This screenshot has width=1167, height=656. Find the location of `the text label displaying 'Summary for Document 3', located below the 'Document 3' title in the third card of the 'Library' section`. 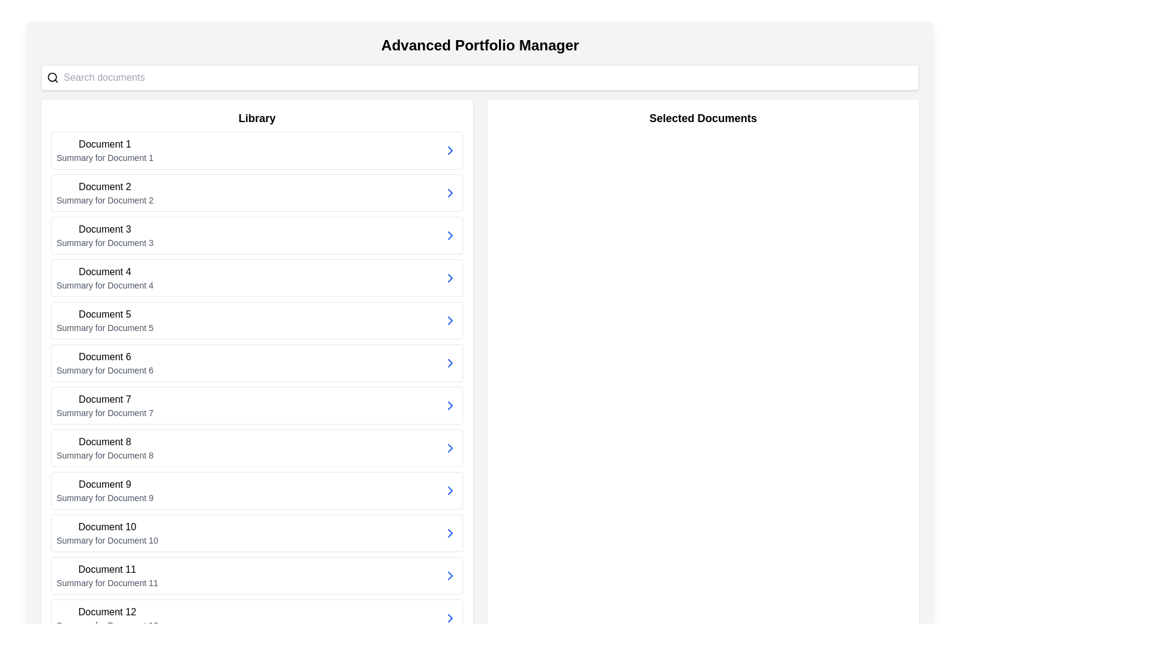

the text label displaying 'Summary for Document 3', located below the 'Document 3' title in the third card of the 'Library' section is located at coordinates (105, 243).